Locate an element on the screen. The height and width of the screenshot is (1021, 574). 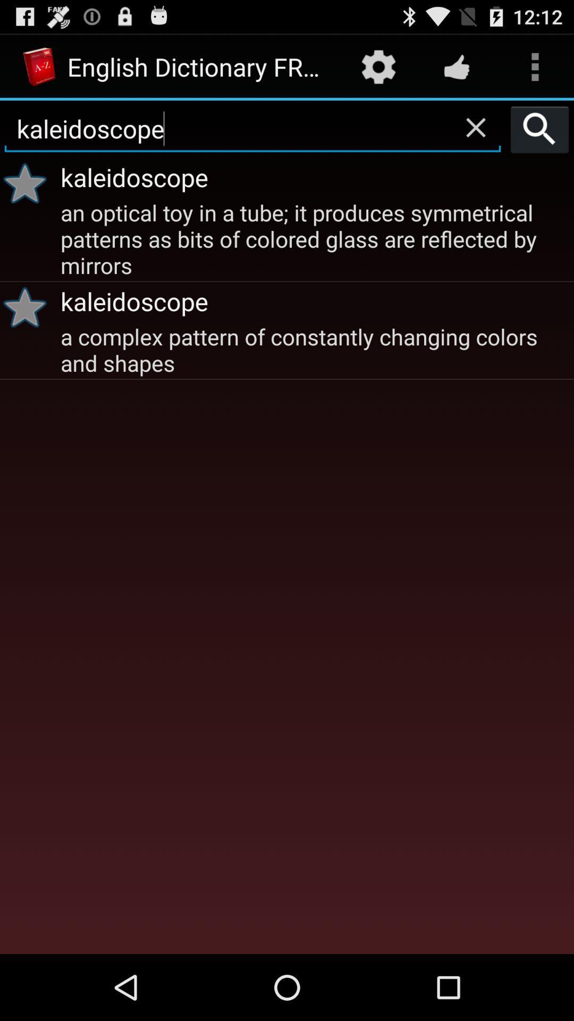
icon above the kaleidoscope app is located at coordinates (539, 129).